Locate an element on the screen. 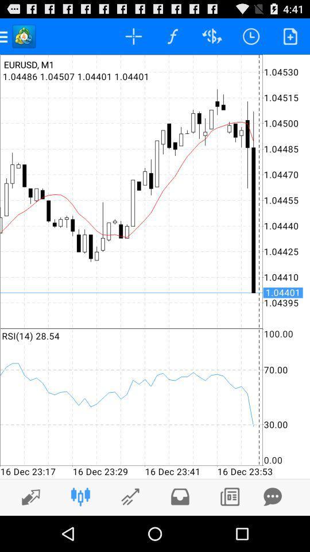 The image size is (310, 552). the chat icon is located at coordinates (272, 531).